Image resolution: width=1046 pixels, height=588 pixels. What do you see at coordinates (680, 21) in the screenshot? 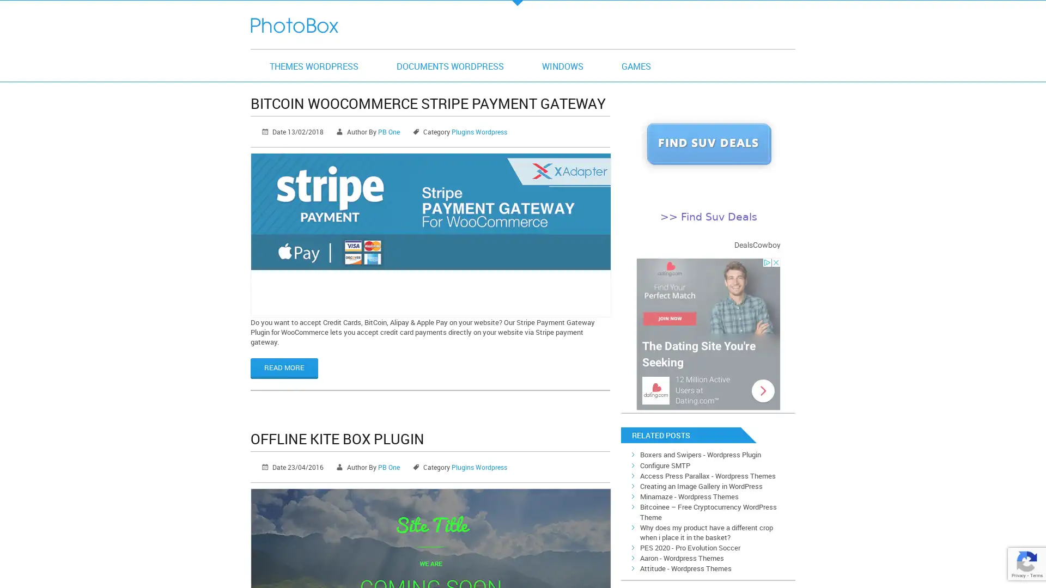
I see `search` at bounding box center [680, 21].